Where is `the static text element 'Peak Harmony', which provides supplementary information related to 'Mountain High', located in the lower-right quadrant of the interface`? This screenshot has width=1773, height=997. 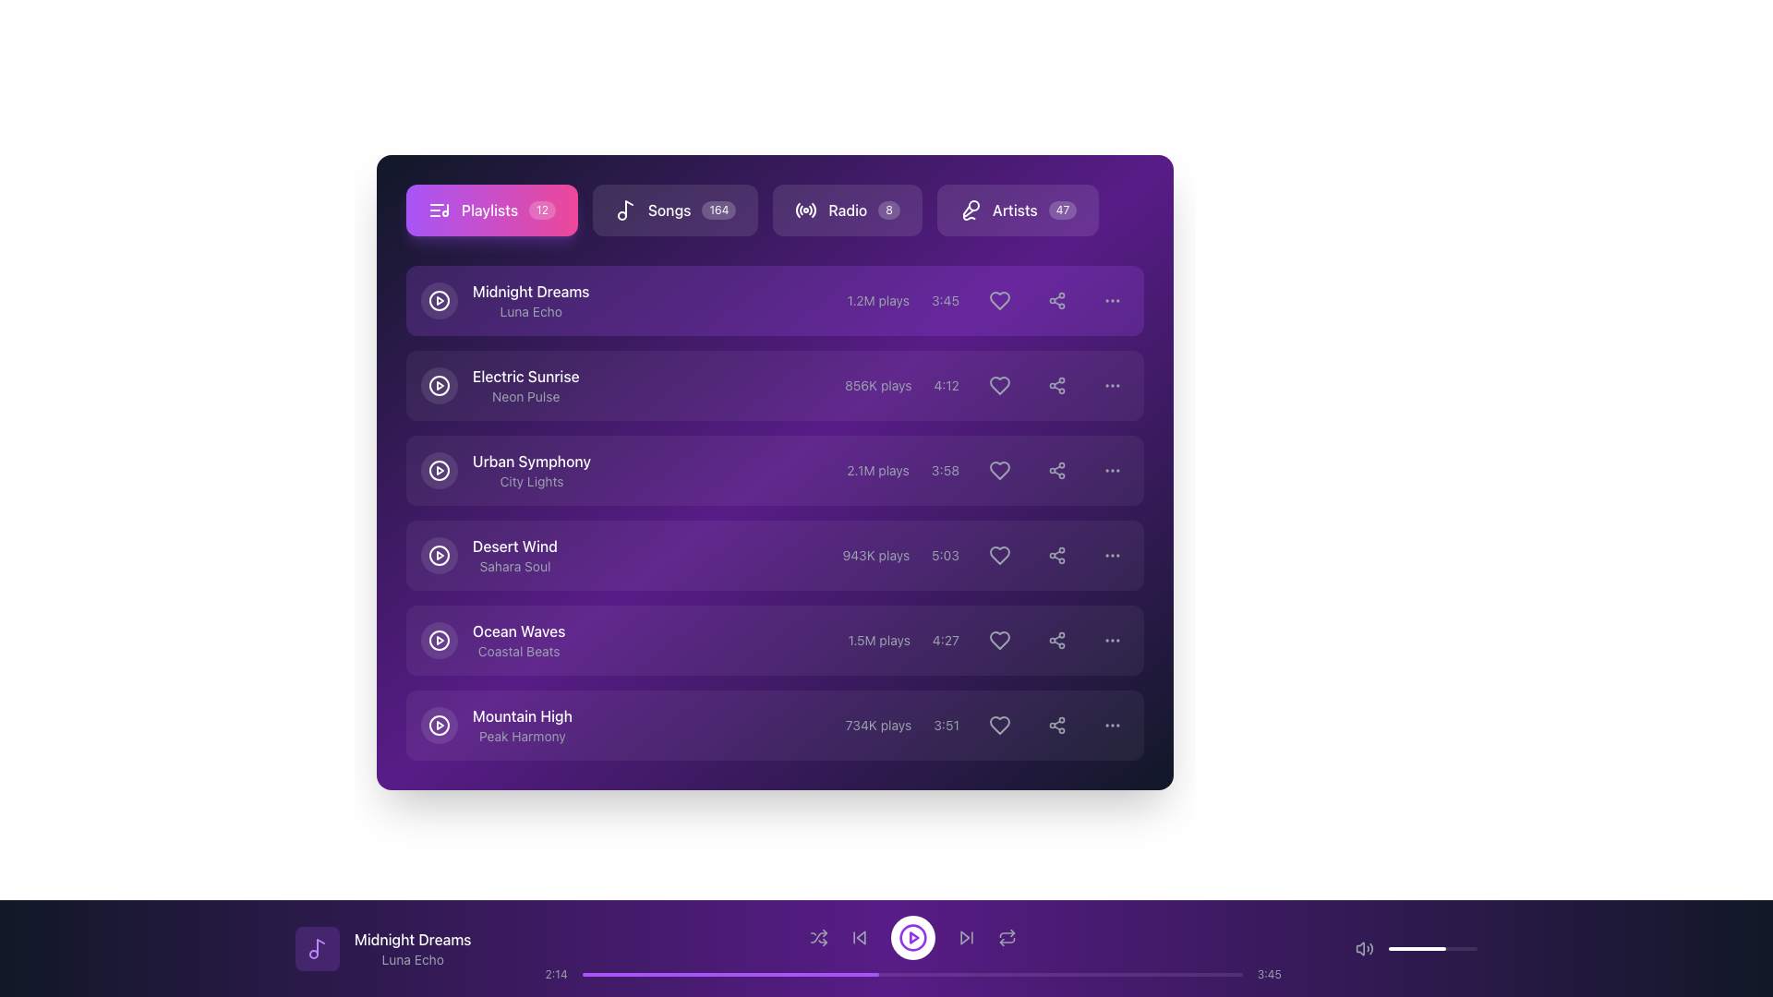 the static text element 'Peak Harmony', which provides supplementary information related to 'Mountain High', located in the lower-right quadrant of the interface is located at coordinates (522, 736).